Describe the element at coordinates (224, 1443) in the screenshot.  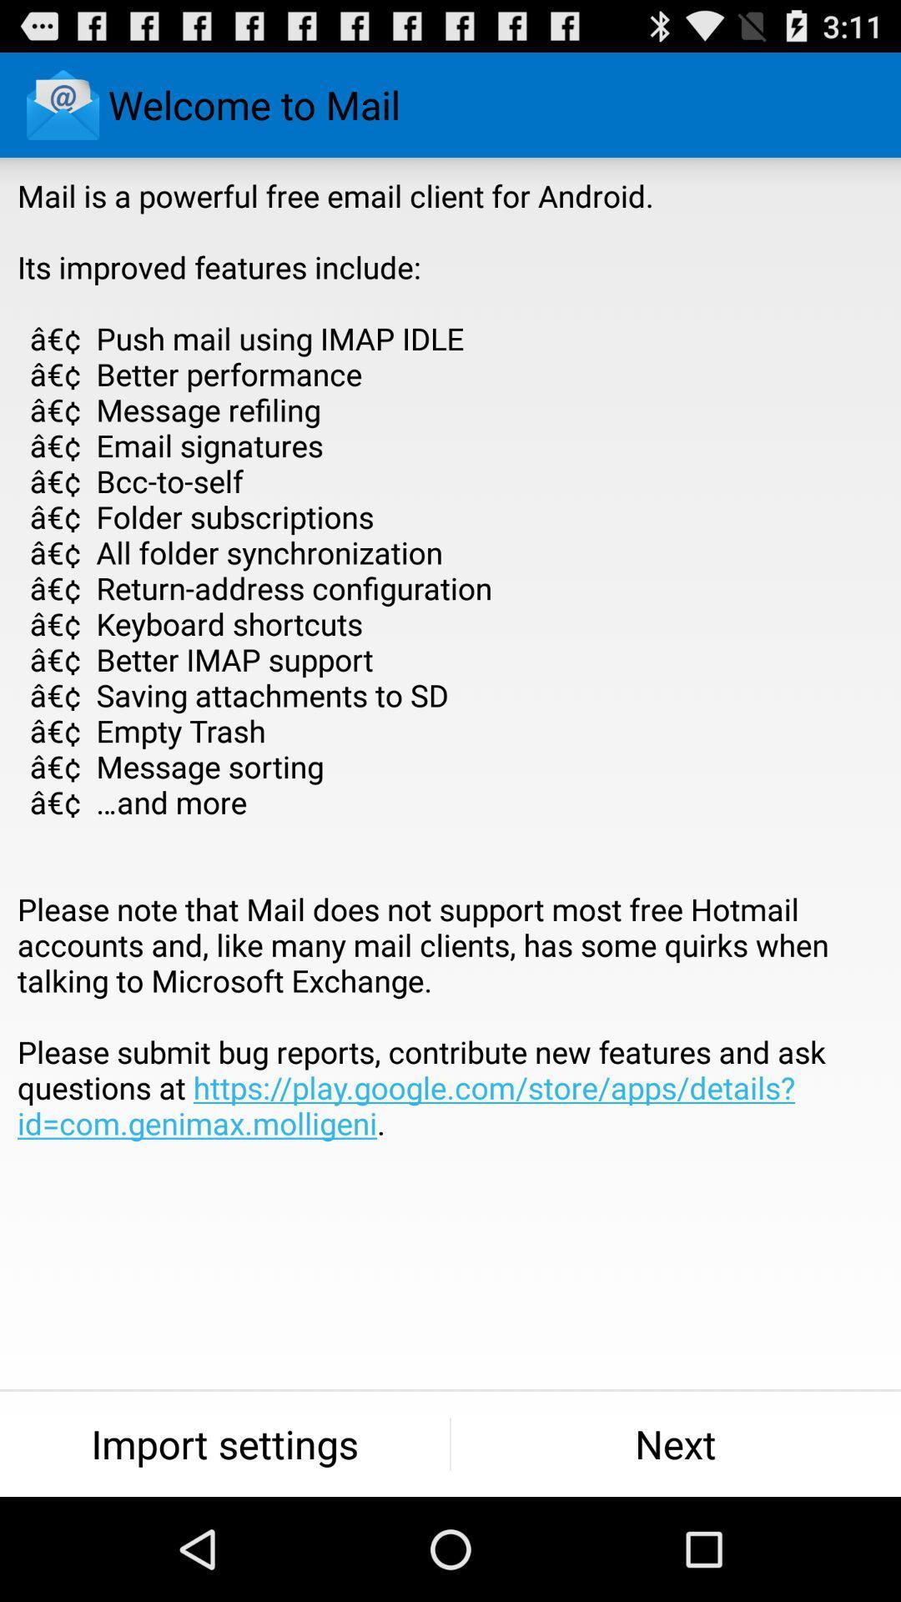
I see `the import settings item` at that location.